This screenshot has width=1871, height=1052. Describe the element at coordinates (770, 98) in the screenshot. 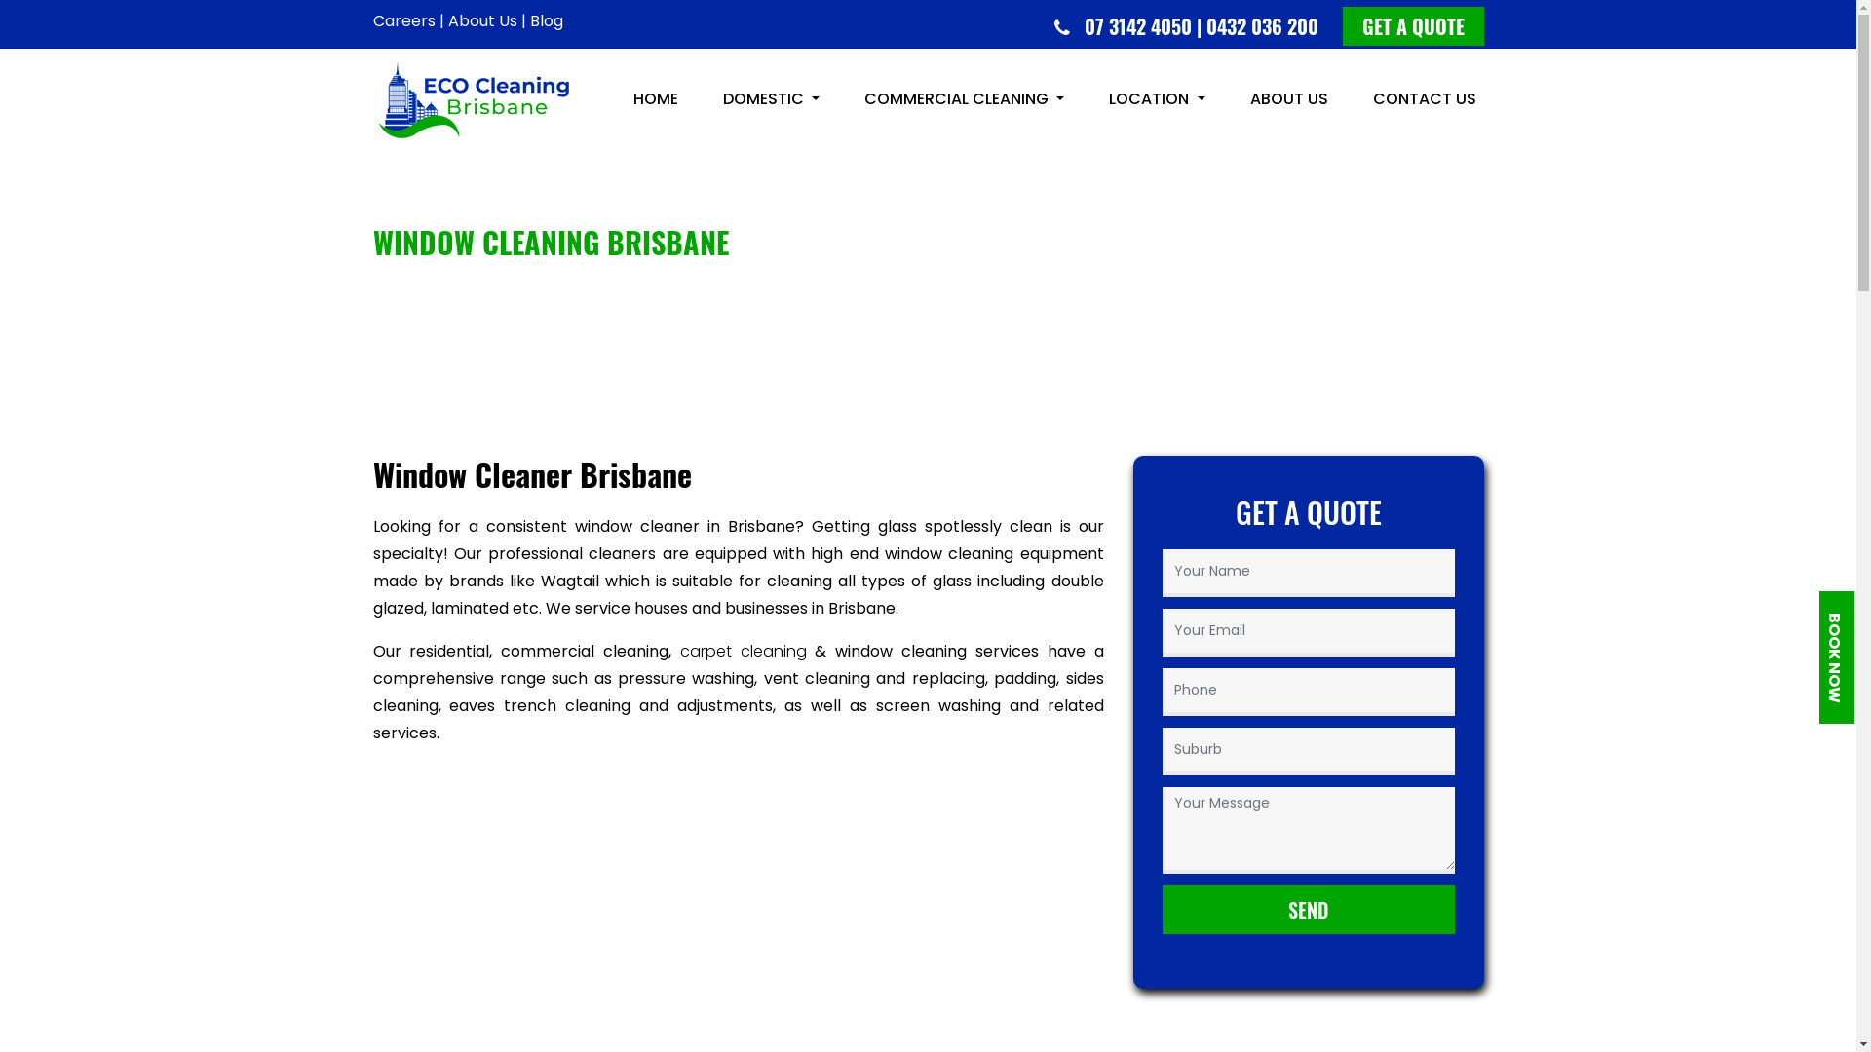

I see `'DOMESTIC'` at that location.